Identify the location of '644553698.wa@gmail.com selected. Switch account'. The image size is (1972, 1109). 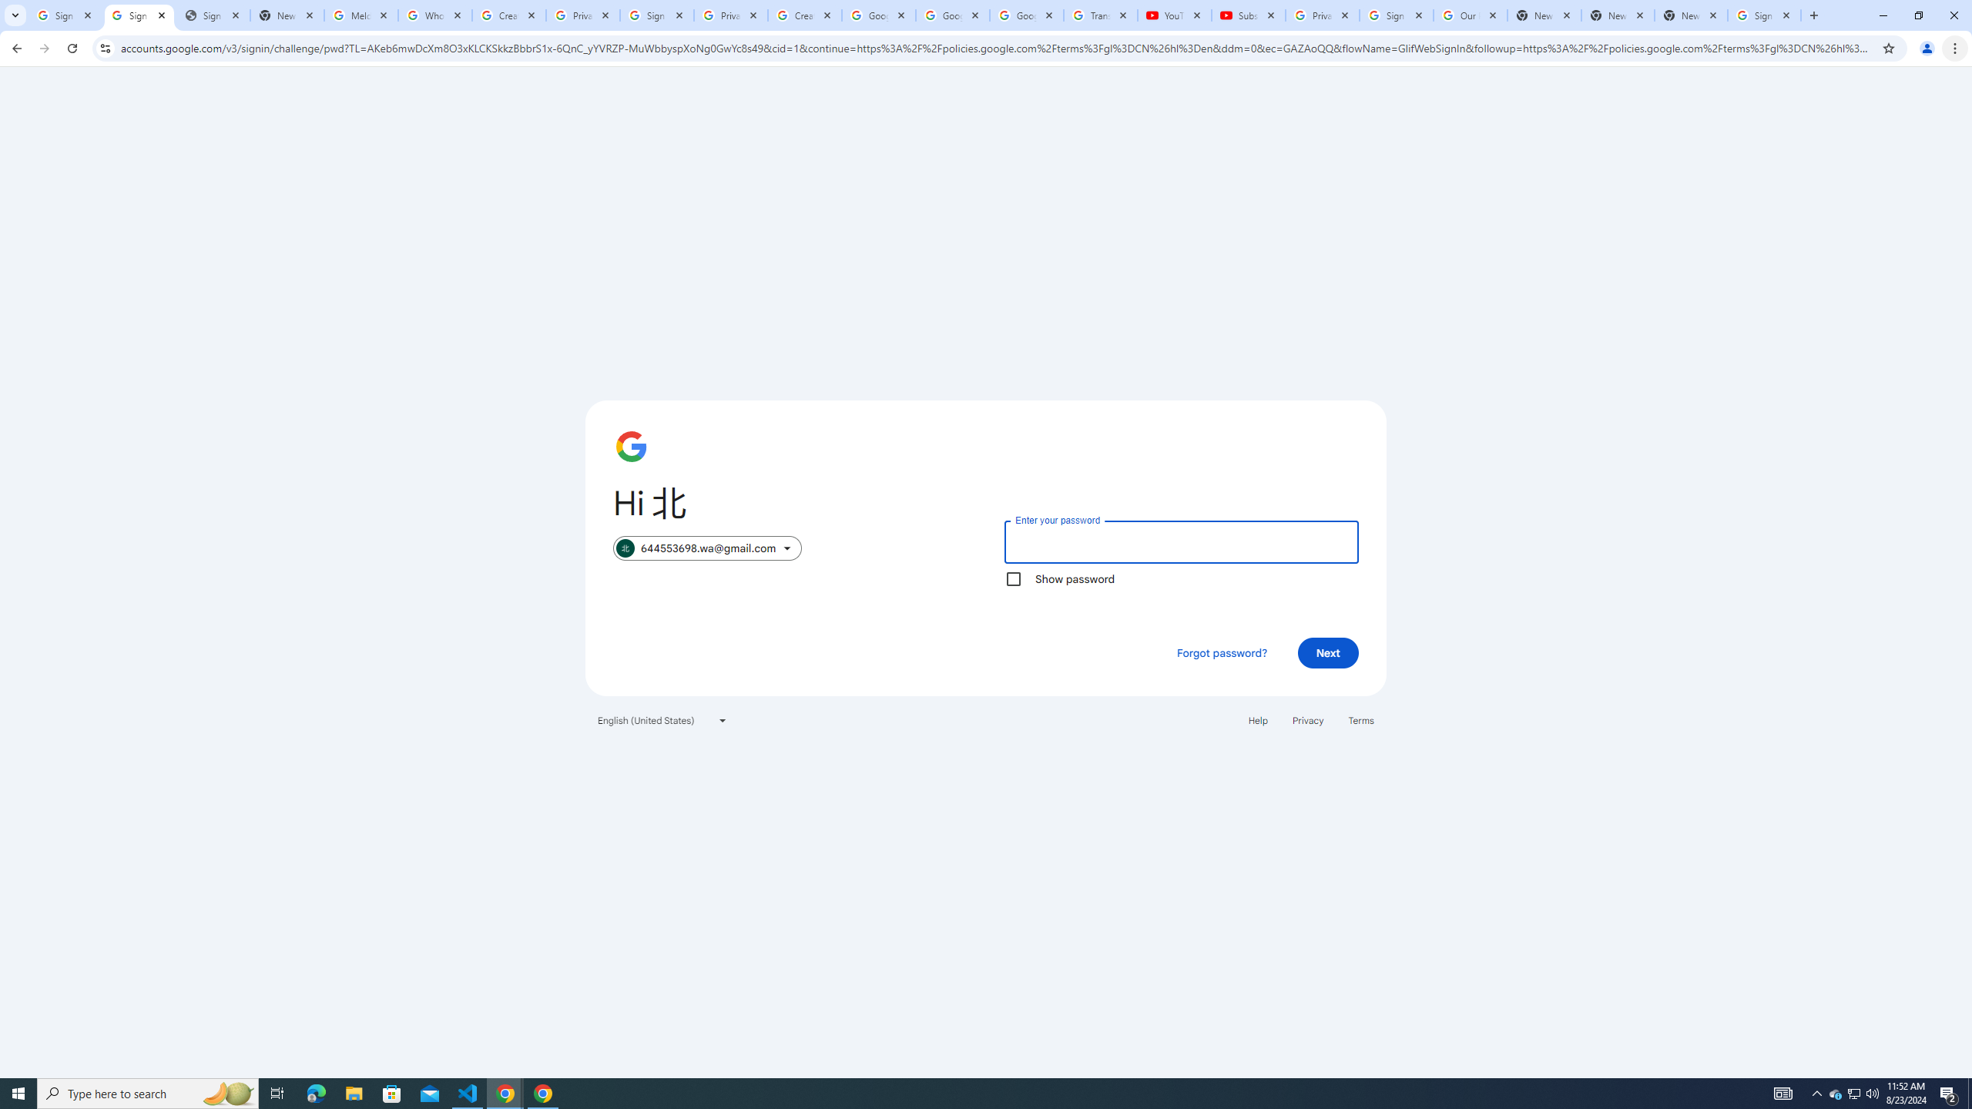
(707, 548).